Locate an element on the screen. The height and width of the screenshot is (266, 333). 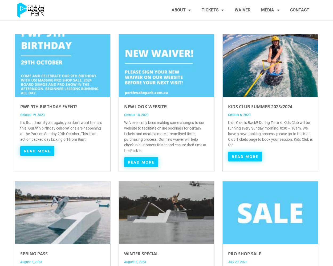
'August 2, 2023' is located at coordinates (135, 262).